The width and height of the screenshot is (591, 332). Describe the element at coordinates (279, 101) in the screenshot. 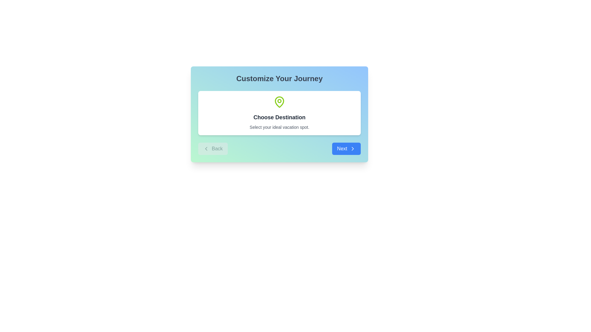

I see `the location marker icon that indicates geographical points, positioned centrally above the 'Choose Destination' text label` at that location.